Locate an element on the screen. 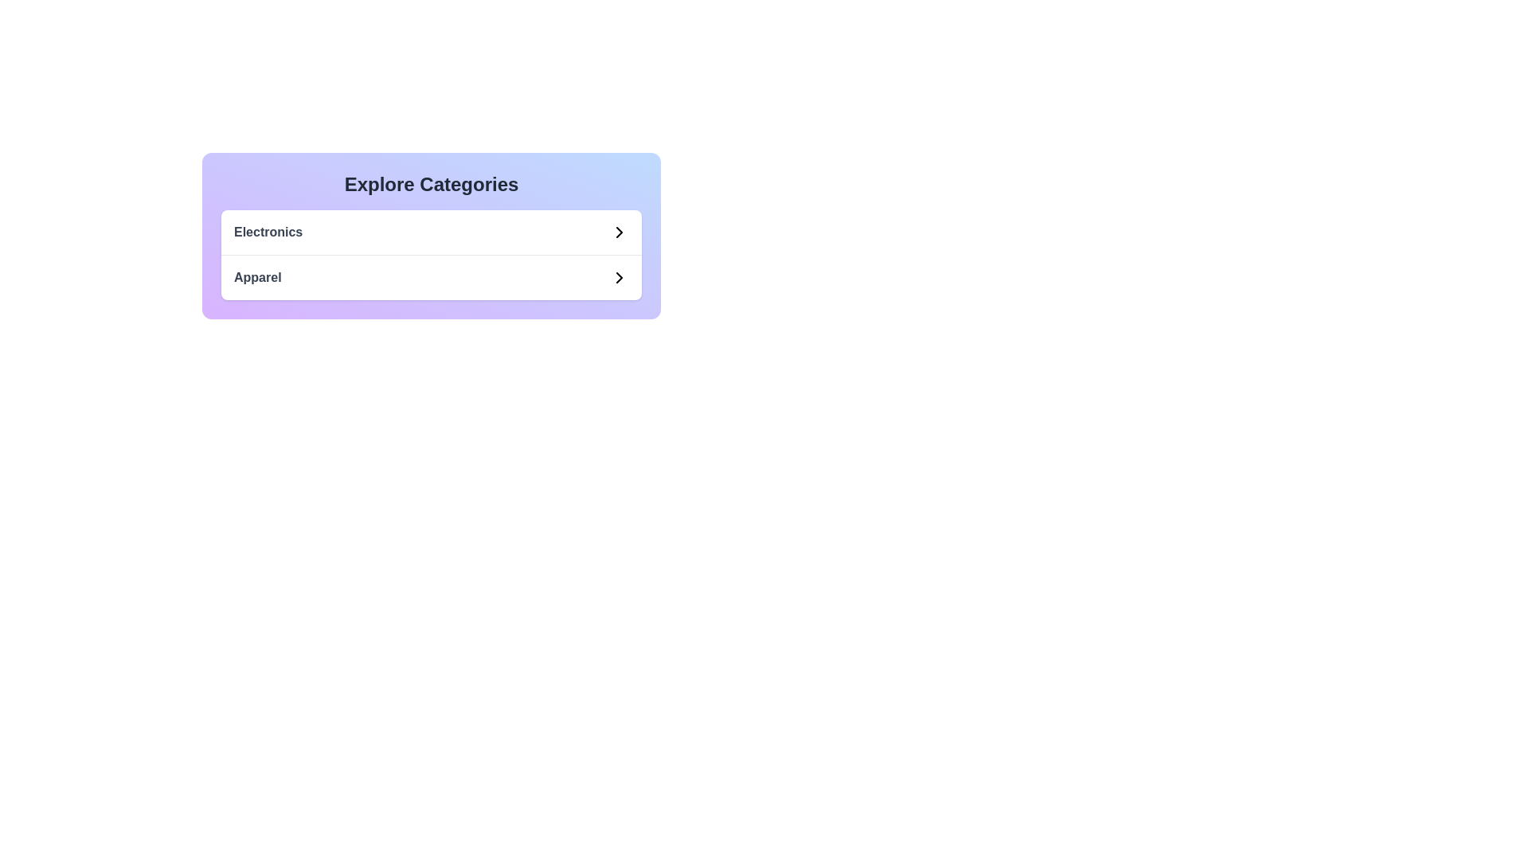 This screenshot has height=860, width=1529. the 'Apparel' category list item, which is the second item in the 'Explore Categories' section is located at coordinates (432, 276).